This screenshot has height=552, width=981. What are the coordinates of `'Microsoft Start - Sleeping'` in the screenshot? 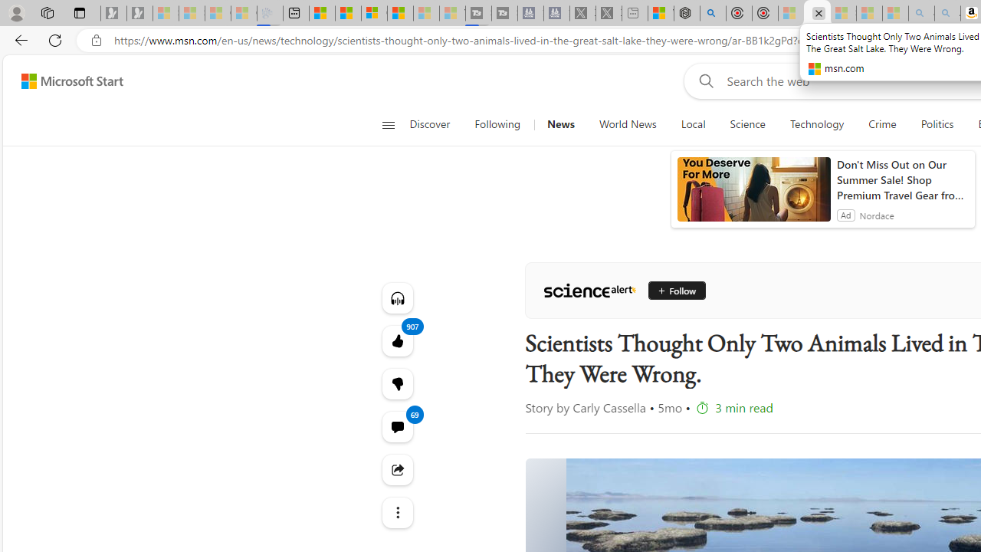 It's located at (426, 13).